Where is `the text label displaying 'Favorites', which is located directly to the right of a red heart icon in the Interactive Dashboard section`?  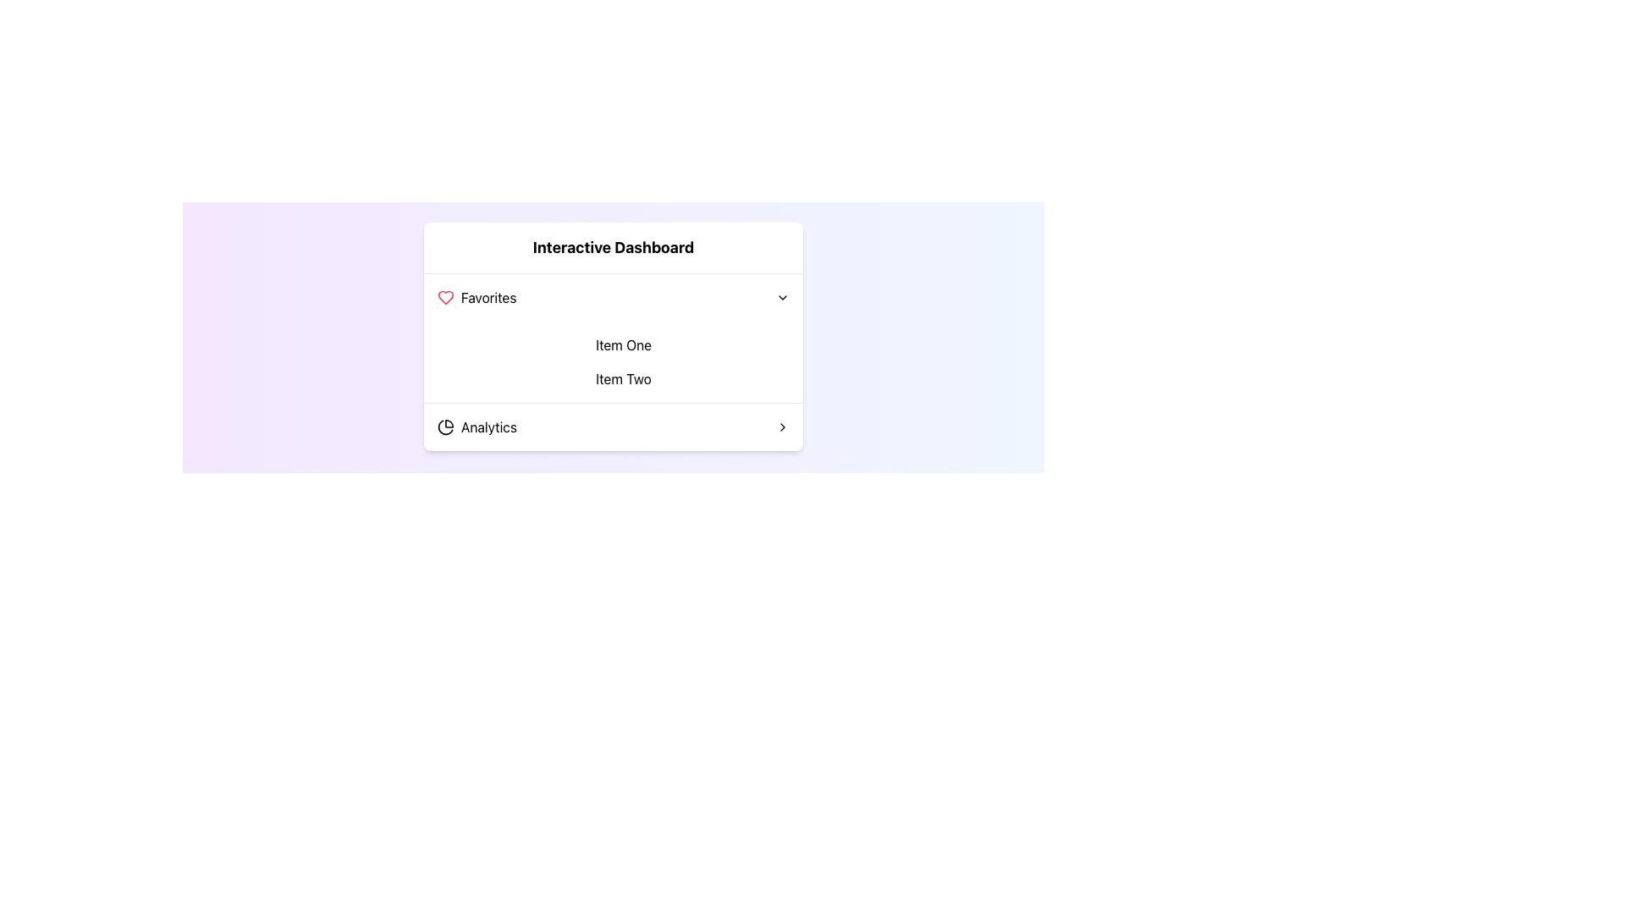 the text label displaying 'Favorites', which is located directly to the right of a red heart icon in the Interactive Dashboard section is located at coordinates (487, 296).